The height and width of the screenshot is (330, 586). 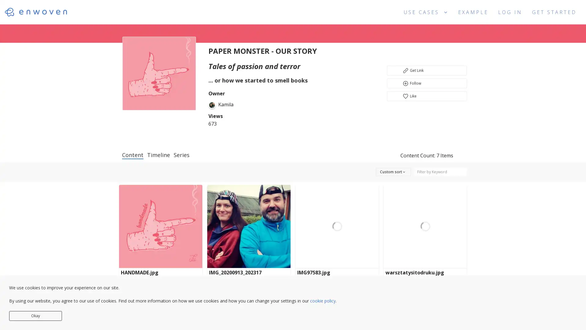 What do you see at coordinates (426, 12) in the screenshot?
I see `USE CASES` at bounding box center [426, 12].